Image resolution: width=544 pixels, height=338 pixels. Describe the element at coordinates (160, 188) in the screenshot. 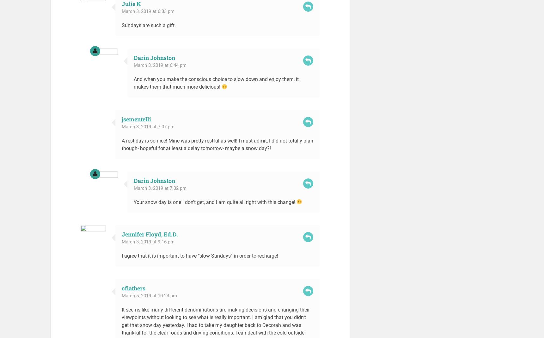

I see `'March 3, 2019 at 7:32 pm'` at that location.